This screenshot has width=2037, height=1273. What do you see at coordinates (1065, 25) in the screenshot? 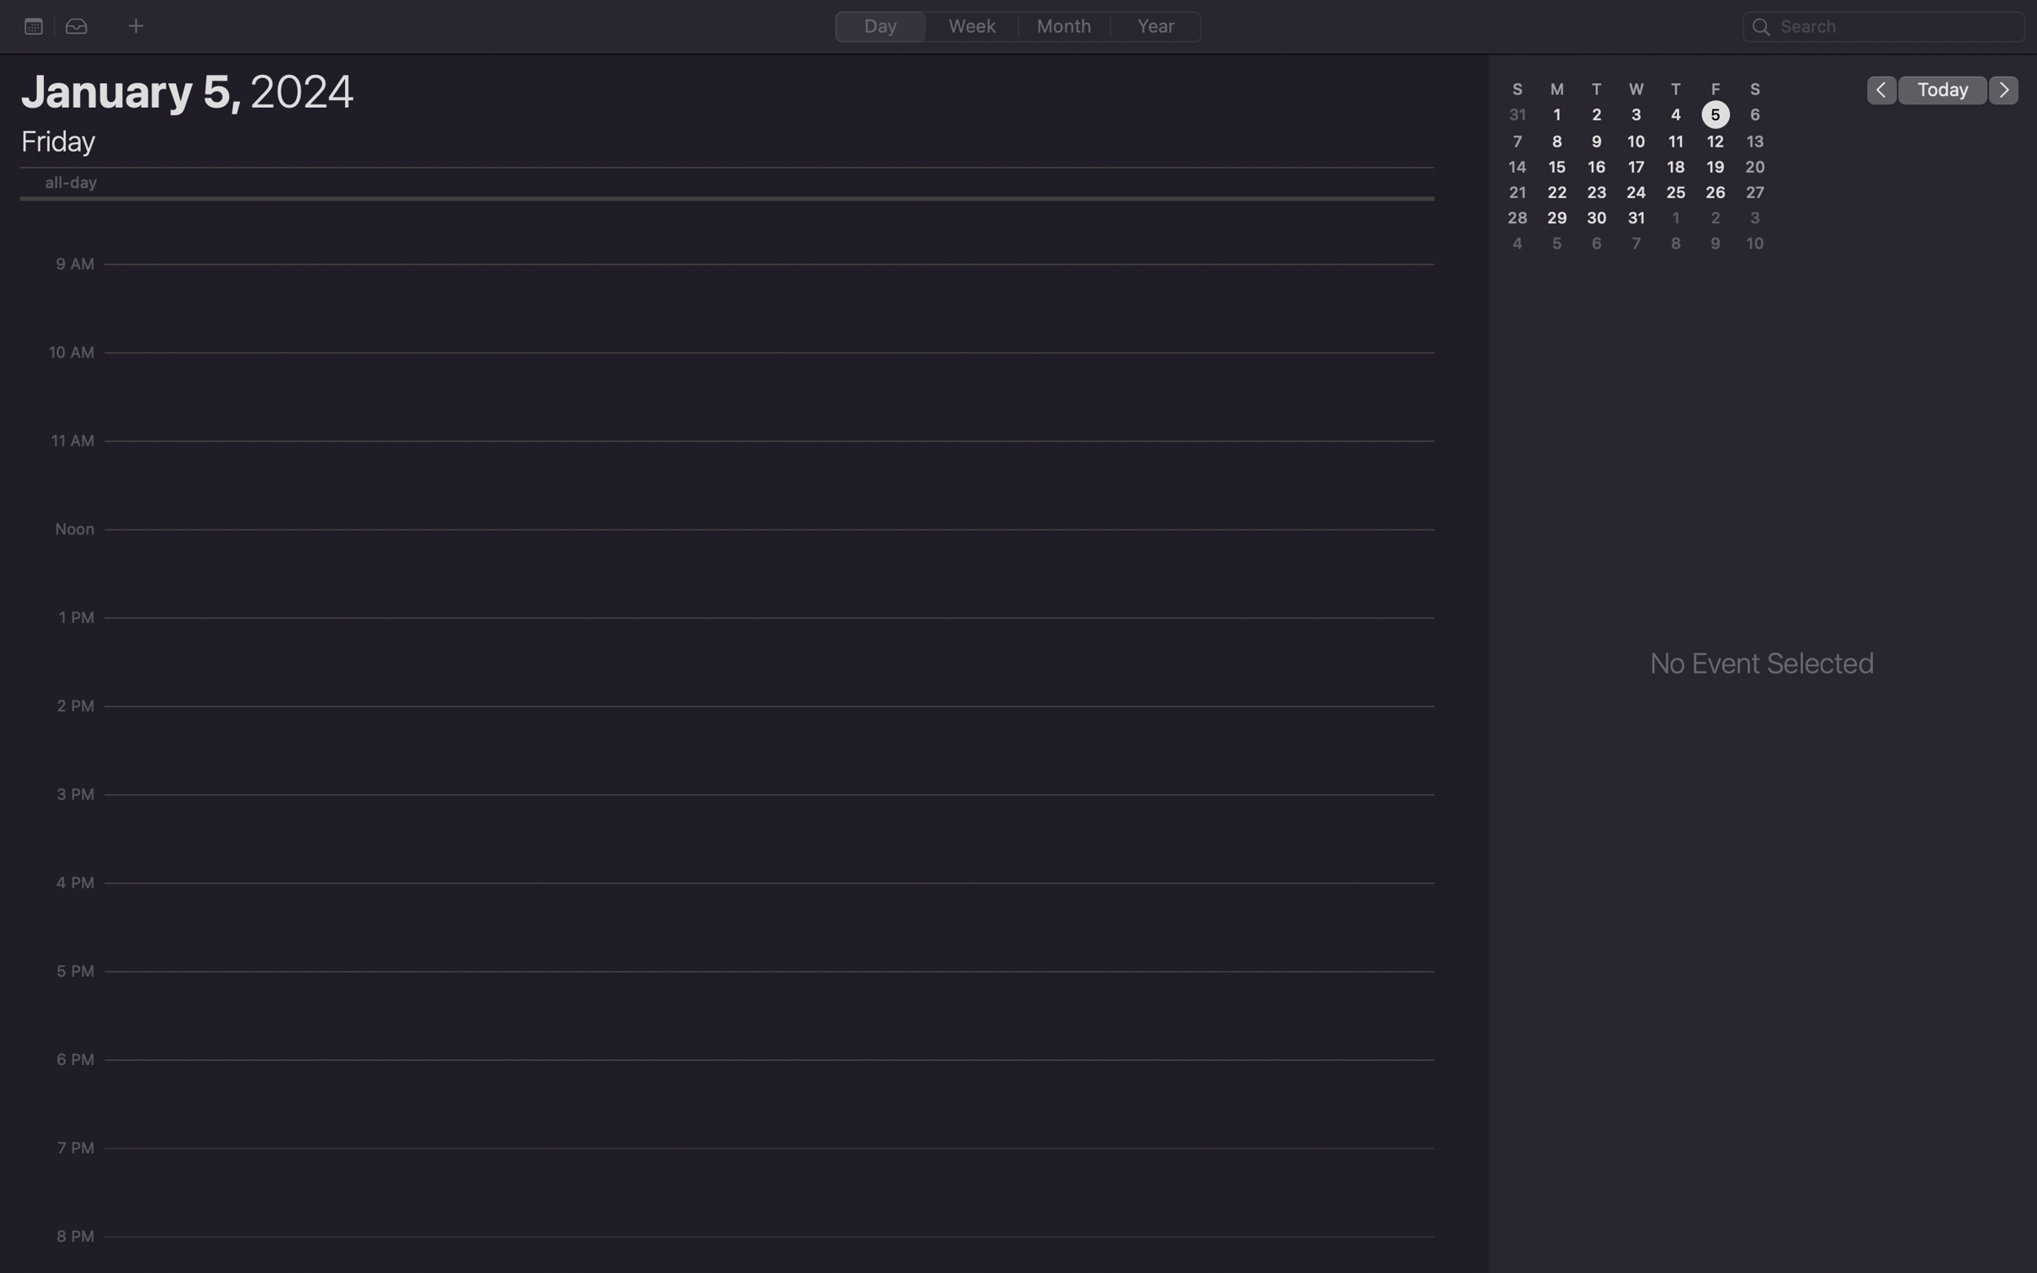
I see `the month view on the calendar` at bounding box center [1065, 25].